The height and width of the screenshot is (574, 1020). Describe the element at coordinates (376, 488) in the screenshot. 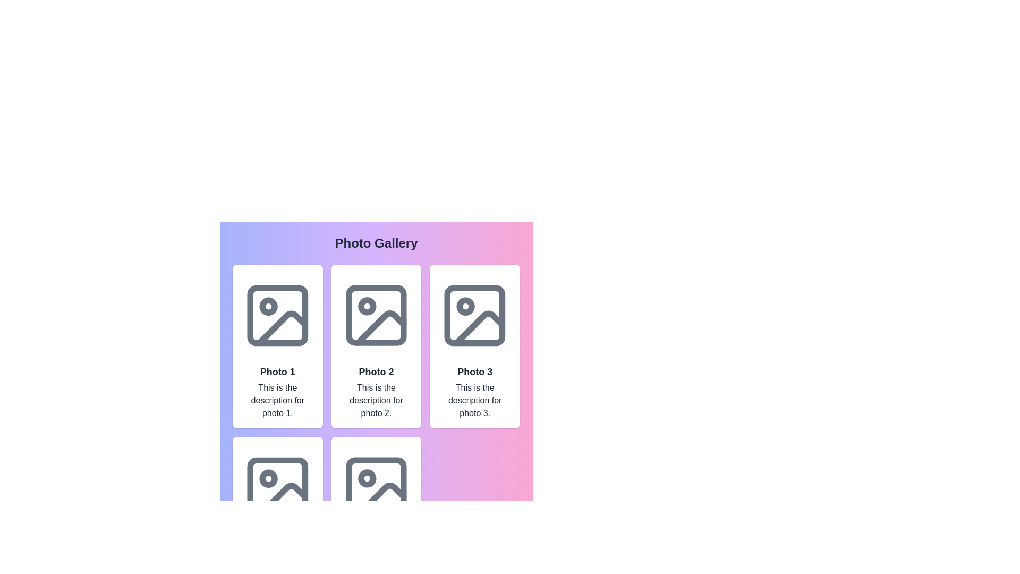

I see `the SVG-based graphic placeholder icon located in the 'Photo 5' card in the second row, first column of the photo gallery layout` at that location.